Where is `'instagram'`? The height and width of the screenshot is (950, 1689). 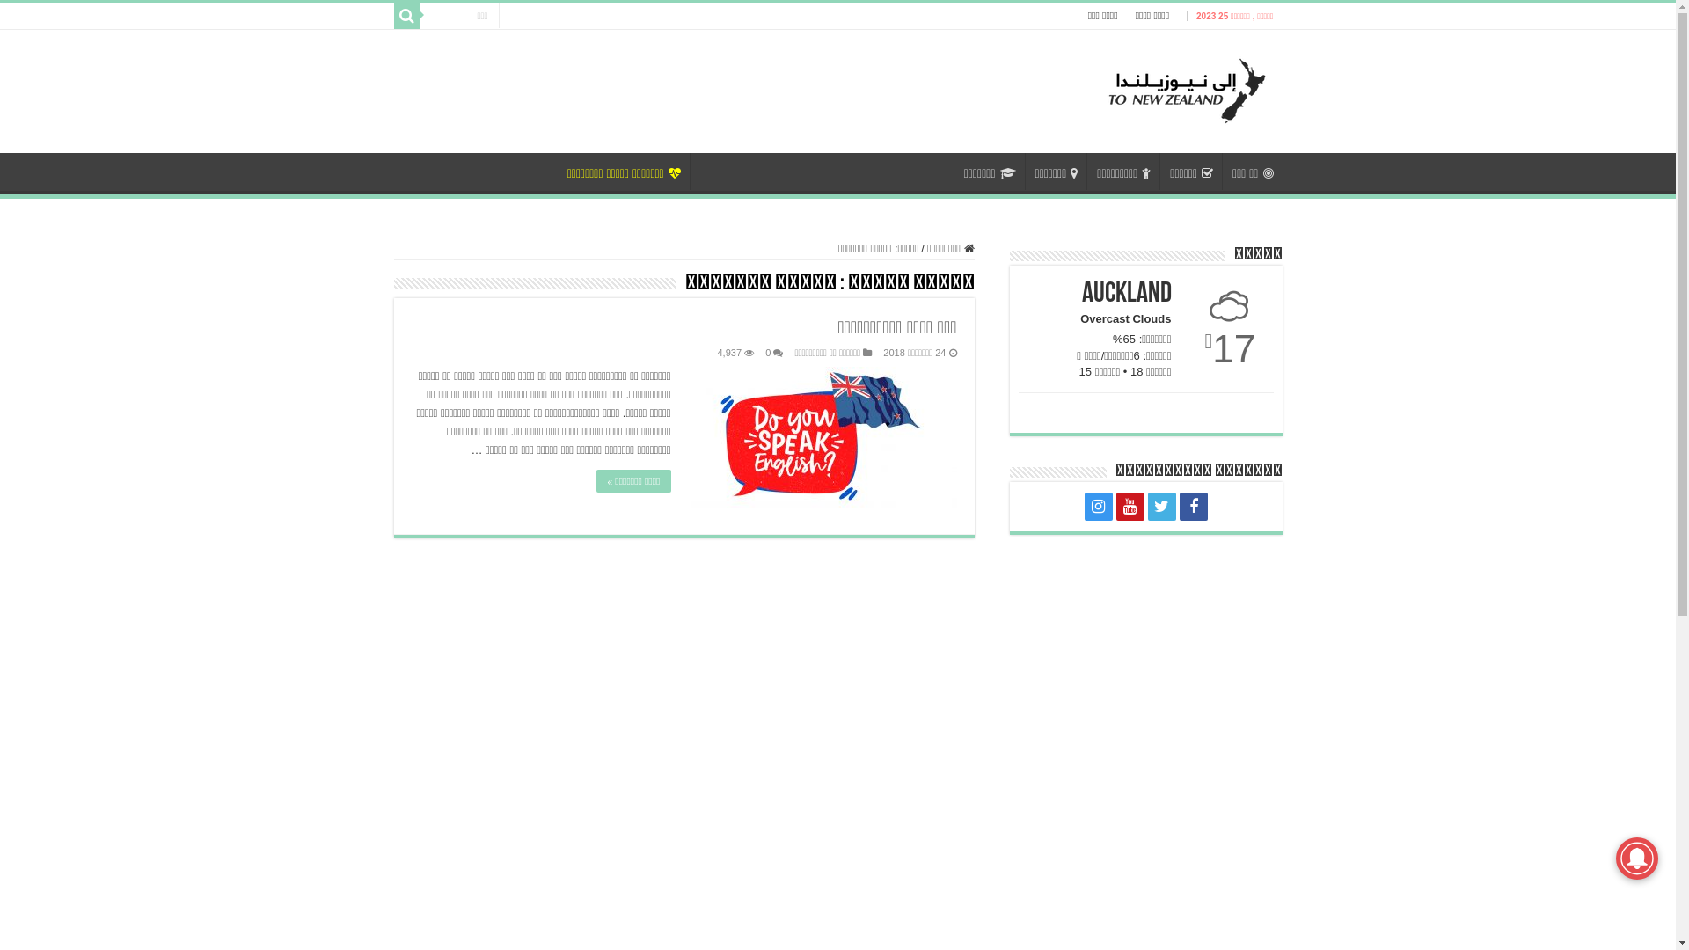
'instagram' is located at coordinates (1083, 506).